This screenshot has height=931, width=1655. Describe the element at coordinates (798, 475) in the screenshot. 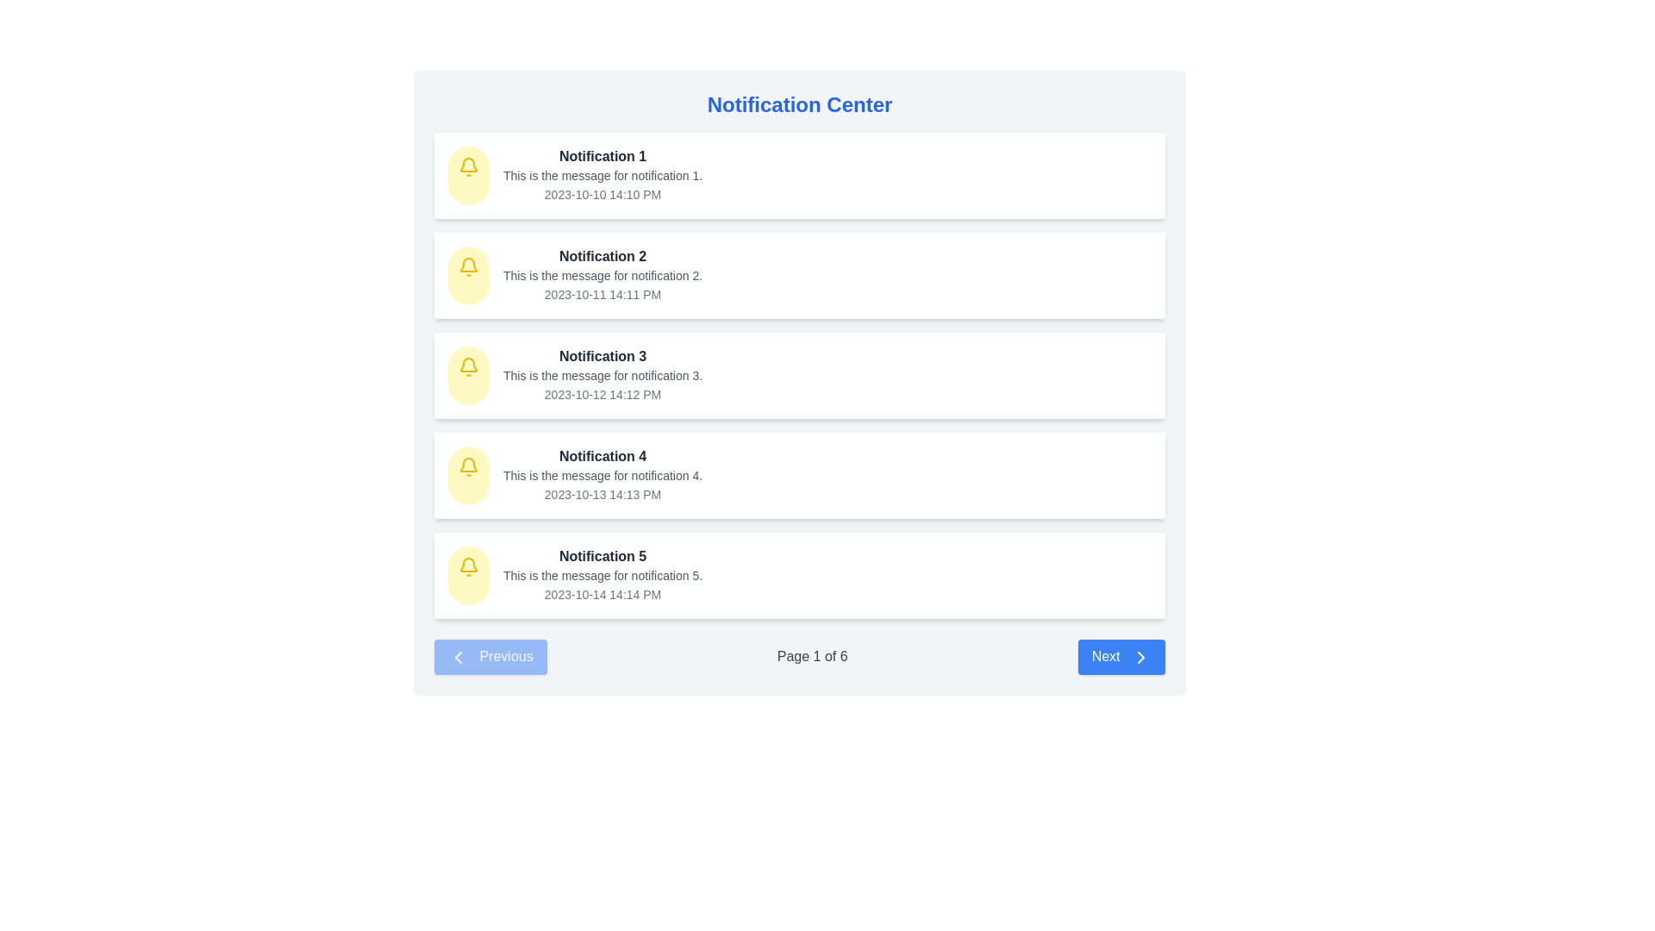

I see `the notification card titled 'Notification 4', which includes a message and timestamp, located at the specified center coordinates` at that location.